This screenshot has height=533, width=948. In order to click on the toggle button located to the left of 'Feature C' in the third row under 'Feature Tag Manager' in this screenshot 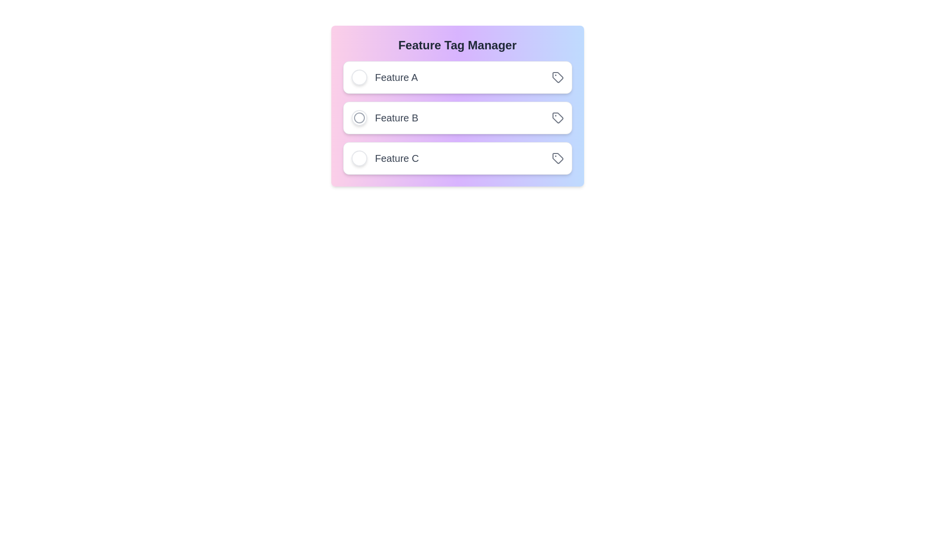, I will do `click(358, 157)`.